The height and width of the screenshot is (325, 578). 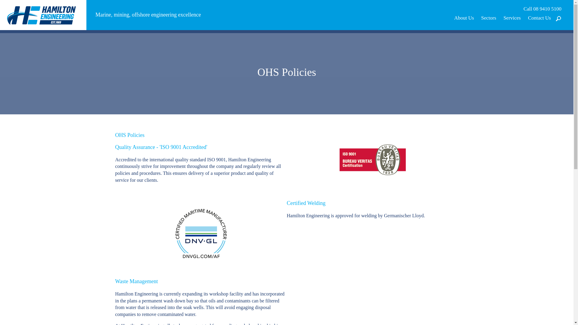 What do you see at coordinates (511, 17) in the screenshot?
I see `'Services'` at bounding box center [511, 17].